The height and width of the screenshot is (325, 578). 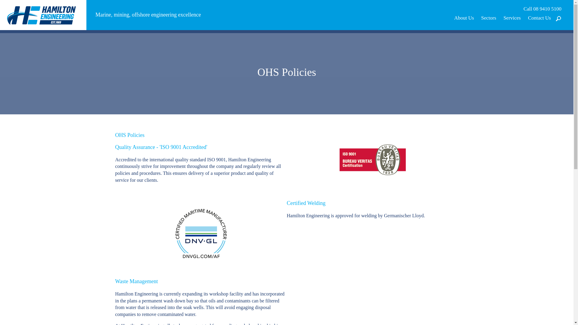 What do you see at coordinates (511, 17) in the screenshot?
I see `'Services'` at bounding box center [511, 17].